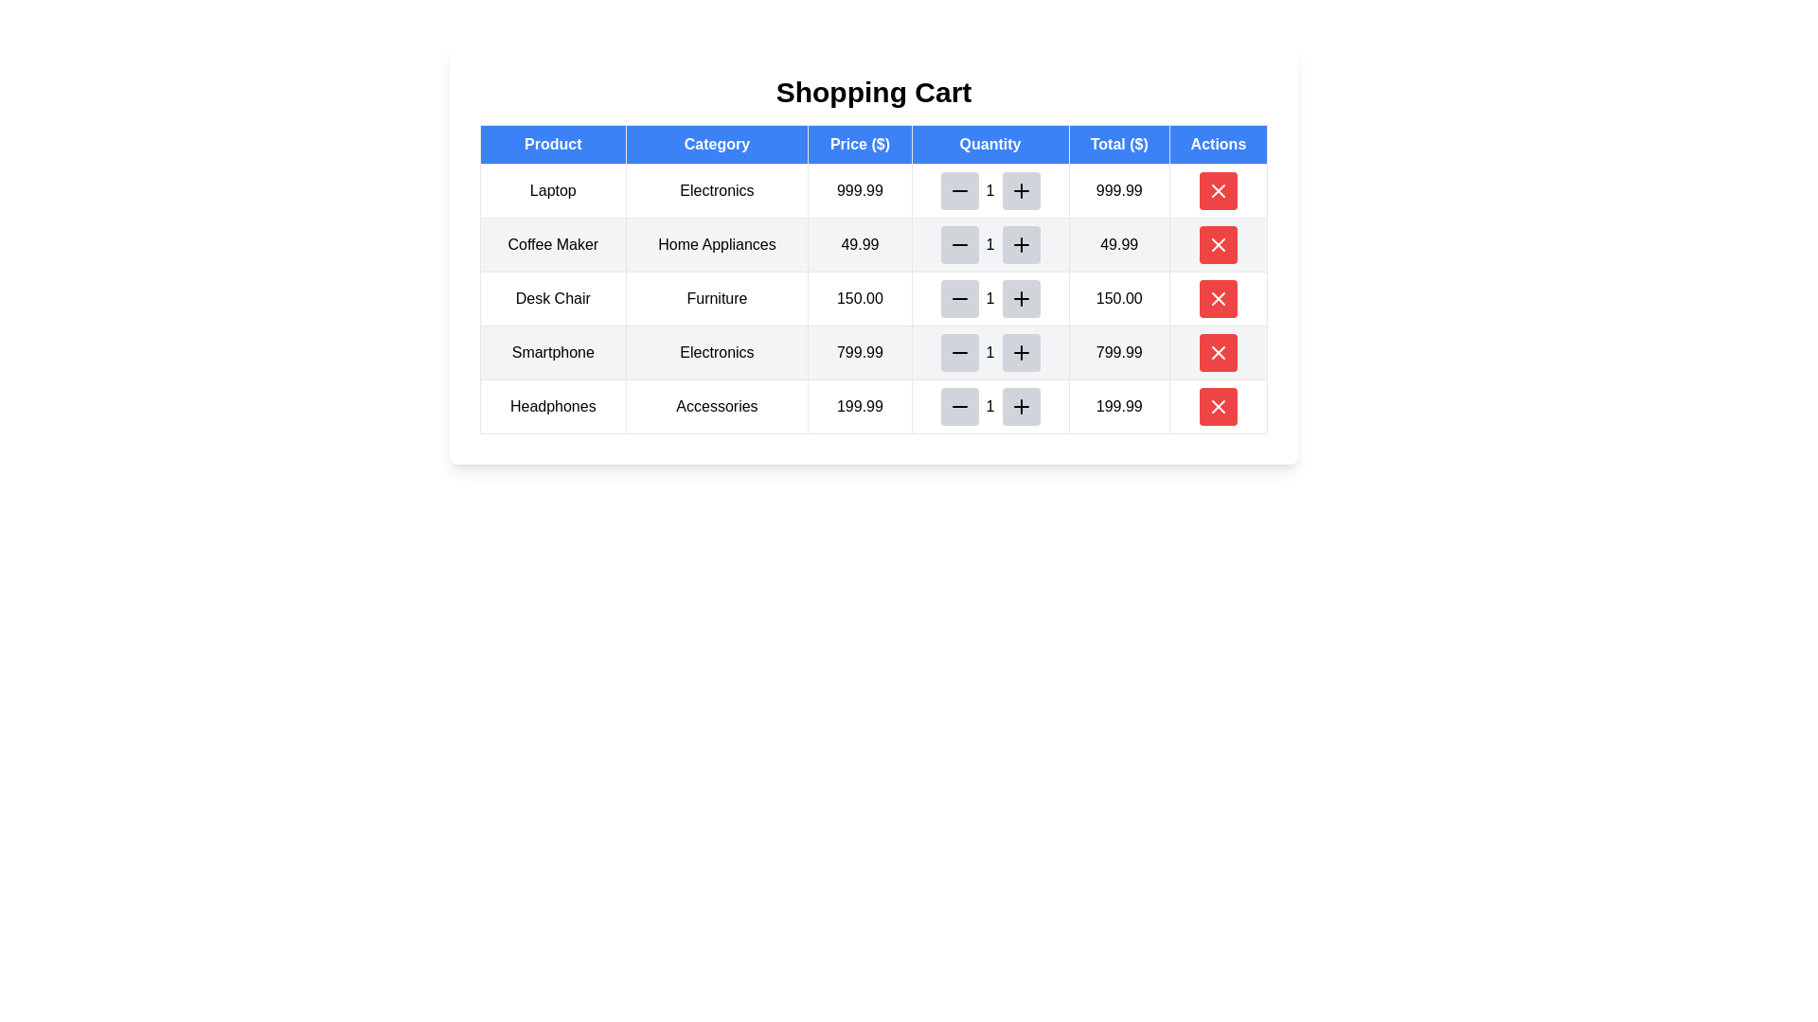  I want to click on the text label displaying 'Headphones' located in the first column of the last row of the table under the 'Product' header, so click(552, 405).